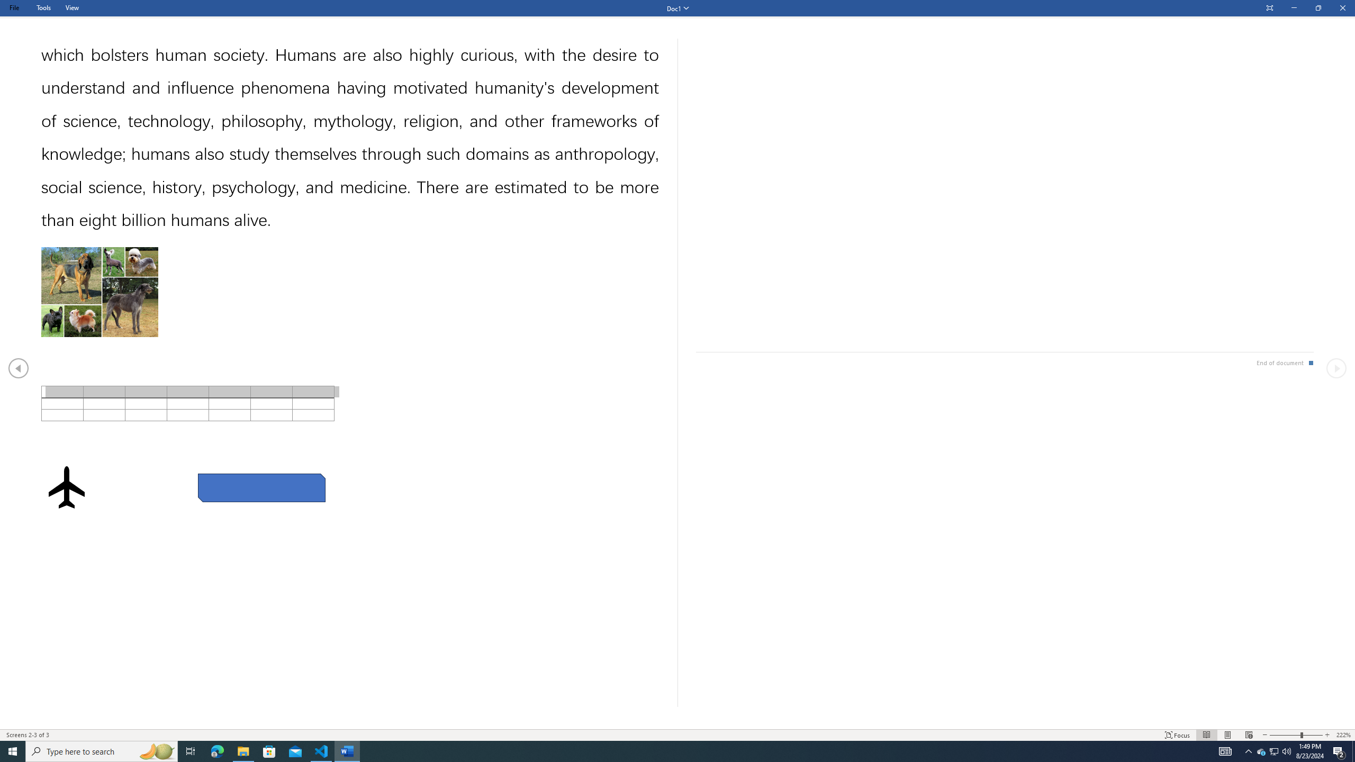 This screenshot has height=762, width=1355. I want to click on 'Rectangle: Diagonal Corners Snipped 2', so click(261, 488).